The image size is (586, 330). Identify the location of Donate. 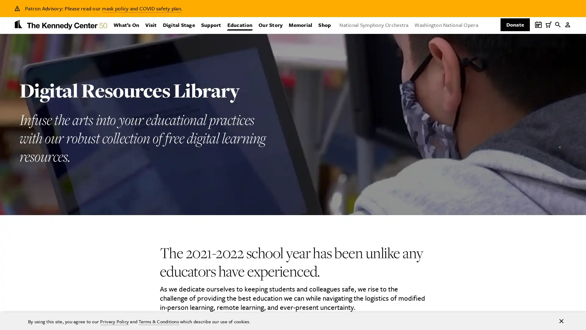
(515, 24).